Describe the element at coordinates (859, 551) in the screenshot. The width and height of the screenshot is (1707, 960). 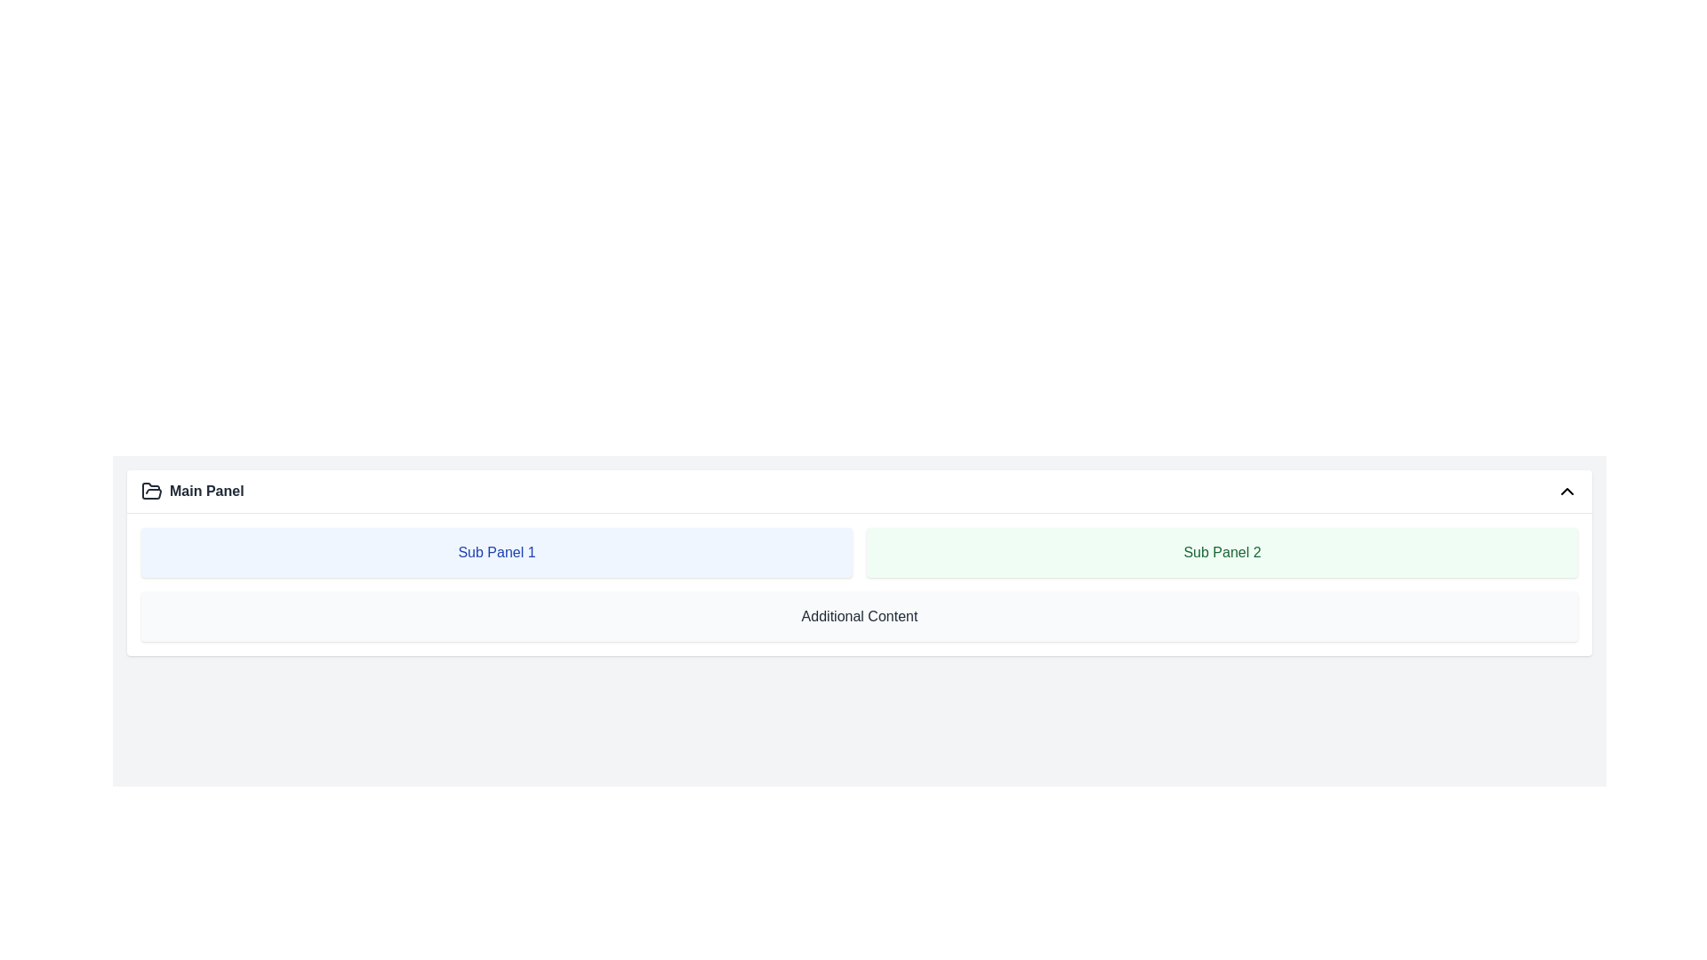
I see `the segmented panel consisting of 'Sub Panel 1' and 'Sub Panel 2'` at that location.